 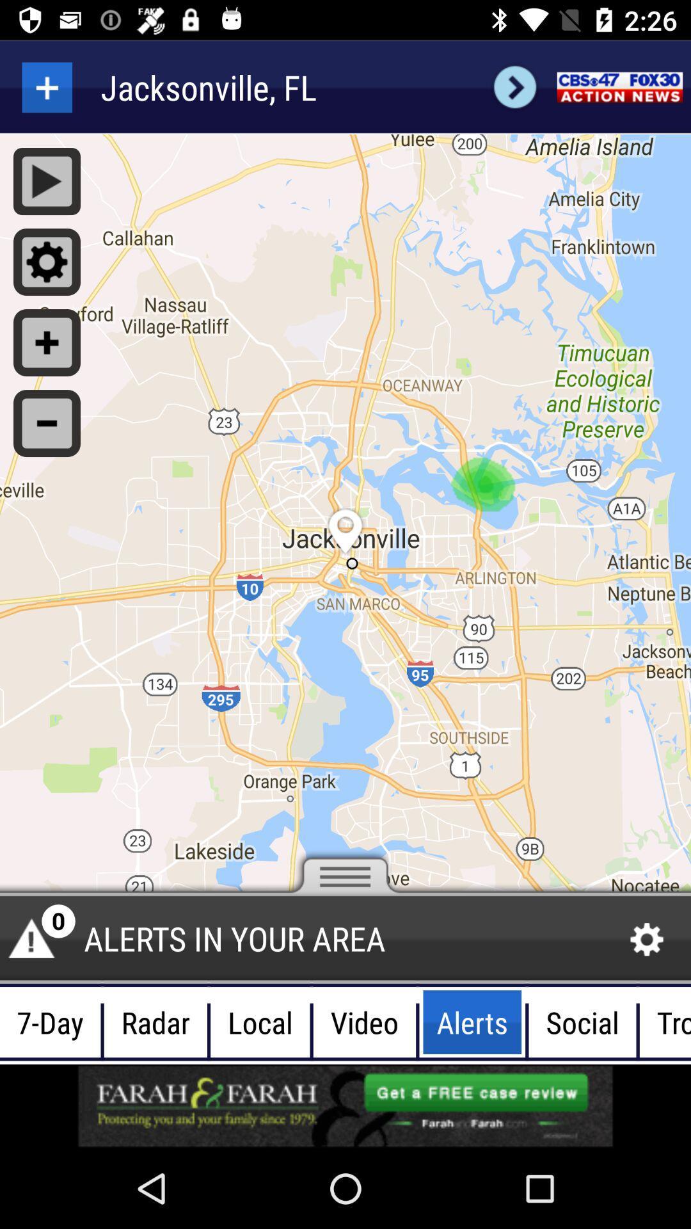 I want to click on the arrow_forward icon, so click(x=514, y=86).